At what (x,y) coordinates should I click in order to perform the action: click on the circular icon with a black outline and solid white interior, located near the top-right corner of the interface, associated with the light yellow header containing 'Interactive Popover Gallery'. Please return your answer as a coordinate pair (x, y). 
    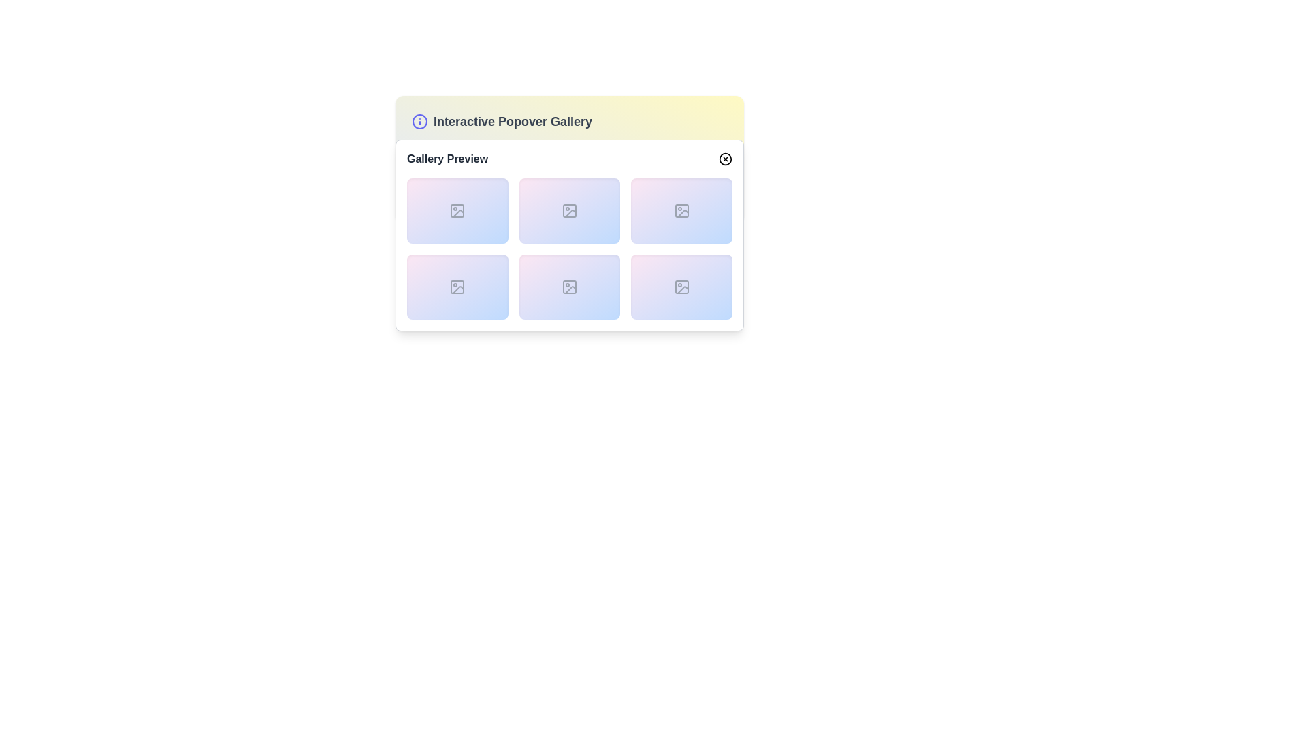
    Looking at the image, I should click on (724, 159).